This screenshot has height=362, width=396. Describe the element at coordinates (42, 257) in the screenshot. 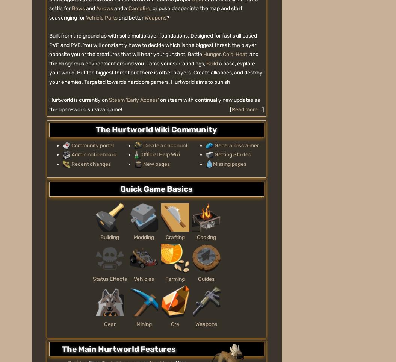

I see `'Media Kit'` at that location.